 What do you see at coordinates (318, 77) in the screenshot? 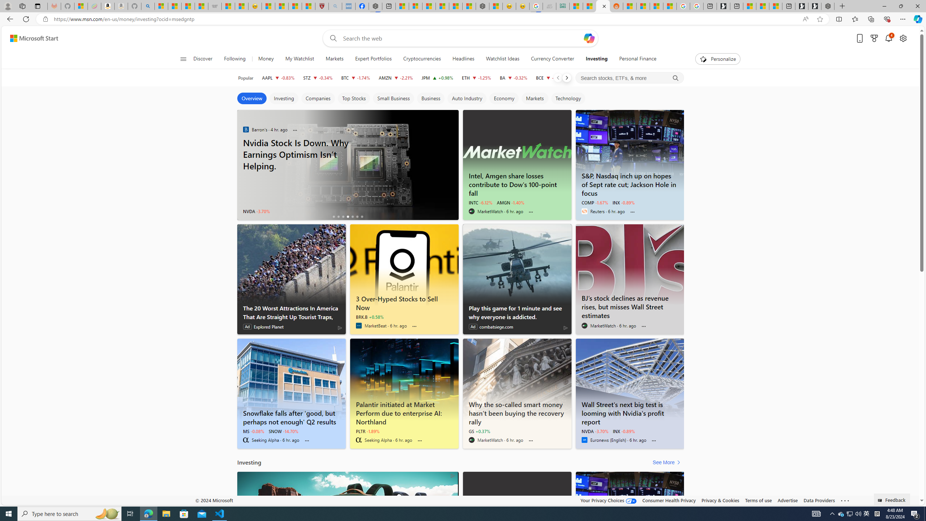
I see `'STZ CONSTELLATION BRANDS, INC. decrease 243.92 -0.82 -0.34%'` at bounding box center [318, 77].